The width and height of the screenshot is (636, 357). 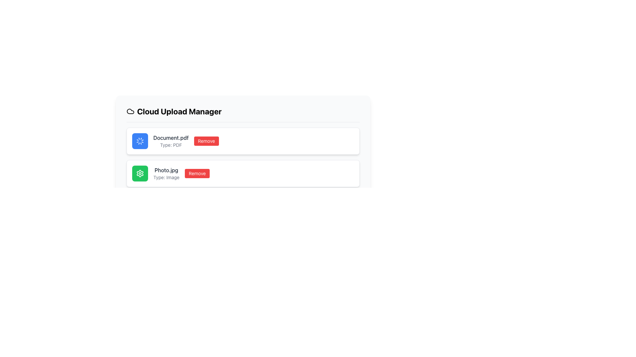 I want to click on the text display component showing the file name 'Document.pdf' and type 'PDF', which is located in the first card of the uploaded files list, so click(x=171, y=141).